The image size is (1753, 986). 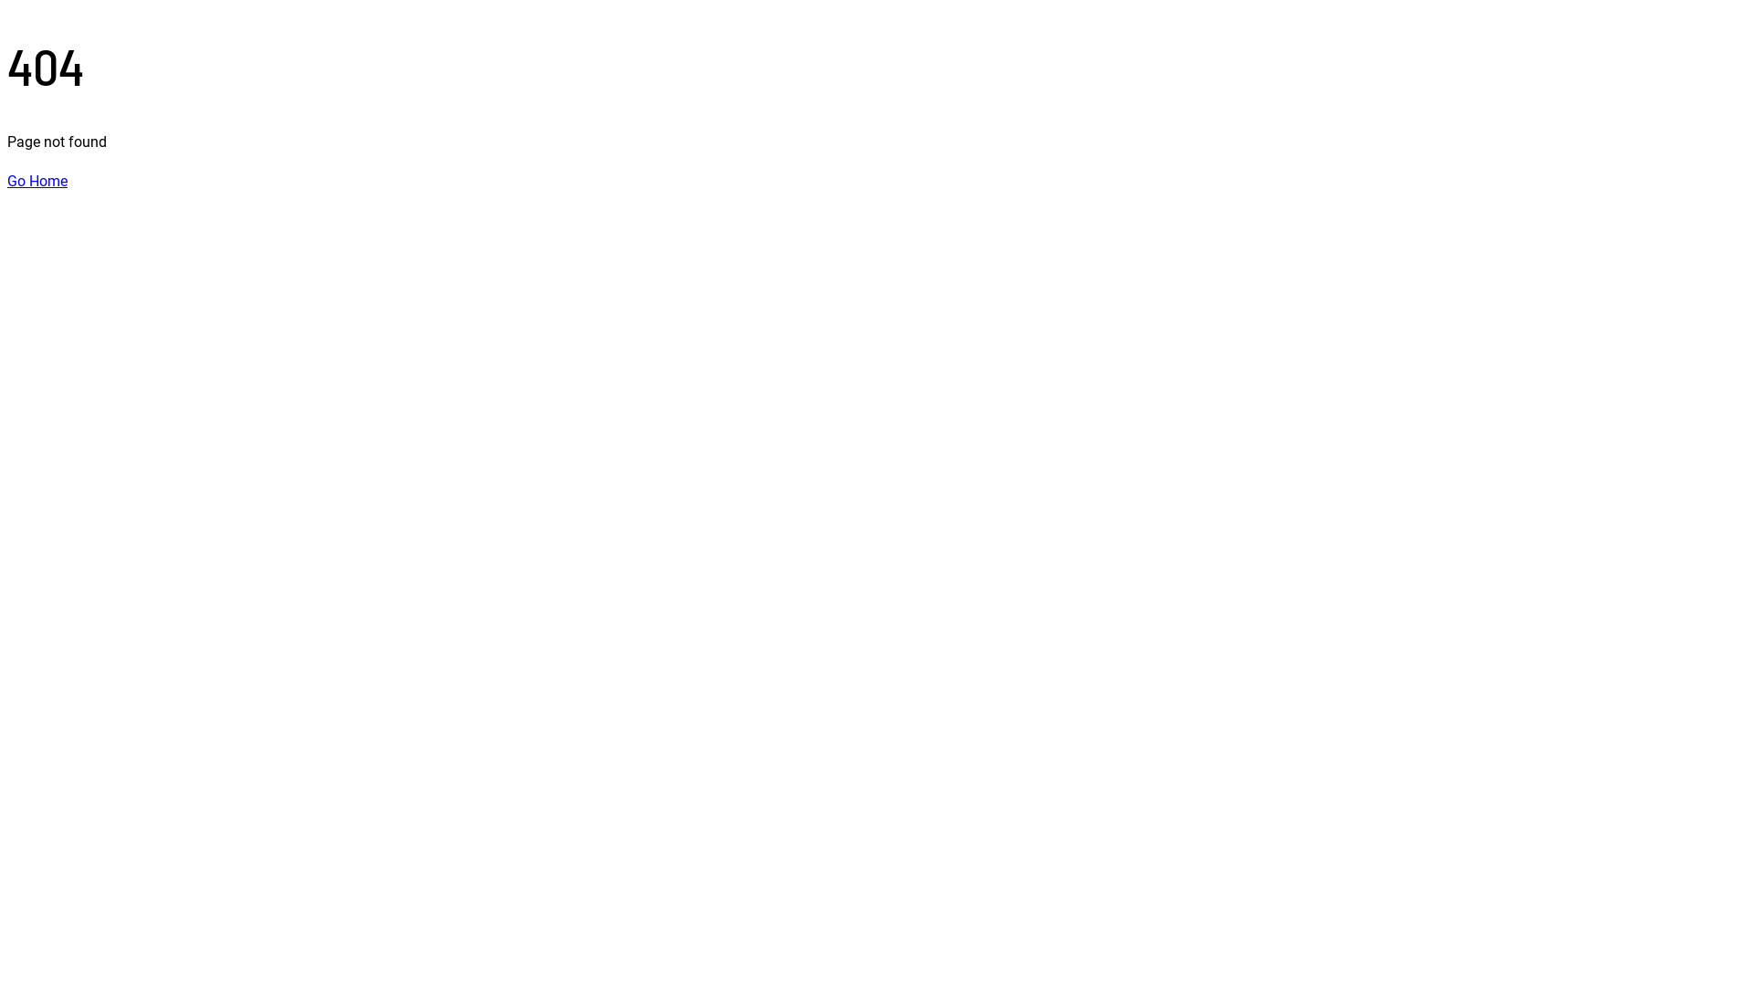 What do you see at coordinates (37, 181) in the screenshot?
I see `'Go Home'` at bounding box center [37, 181].